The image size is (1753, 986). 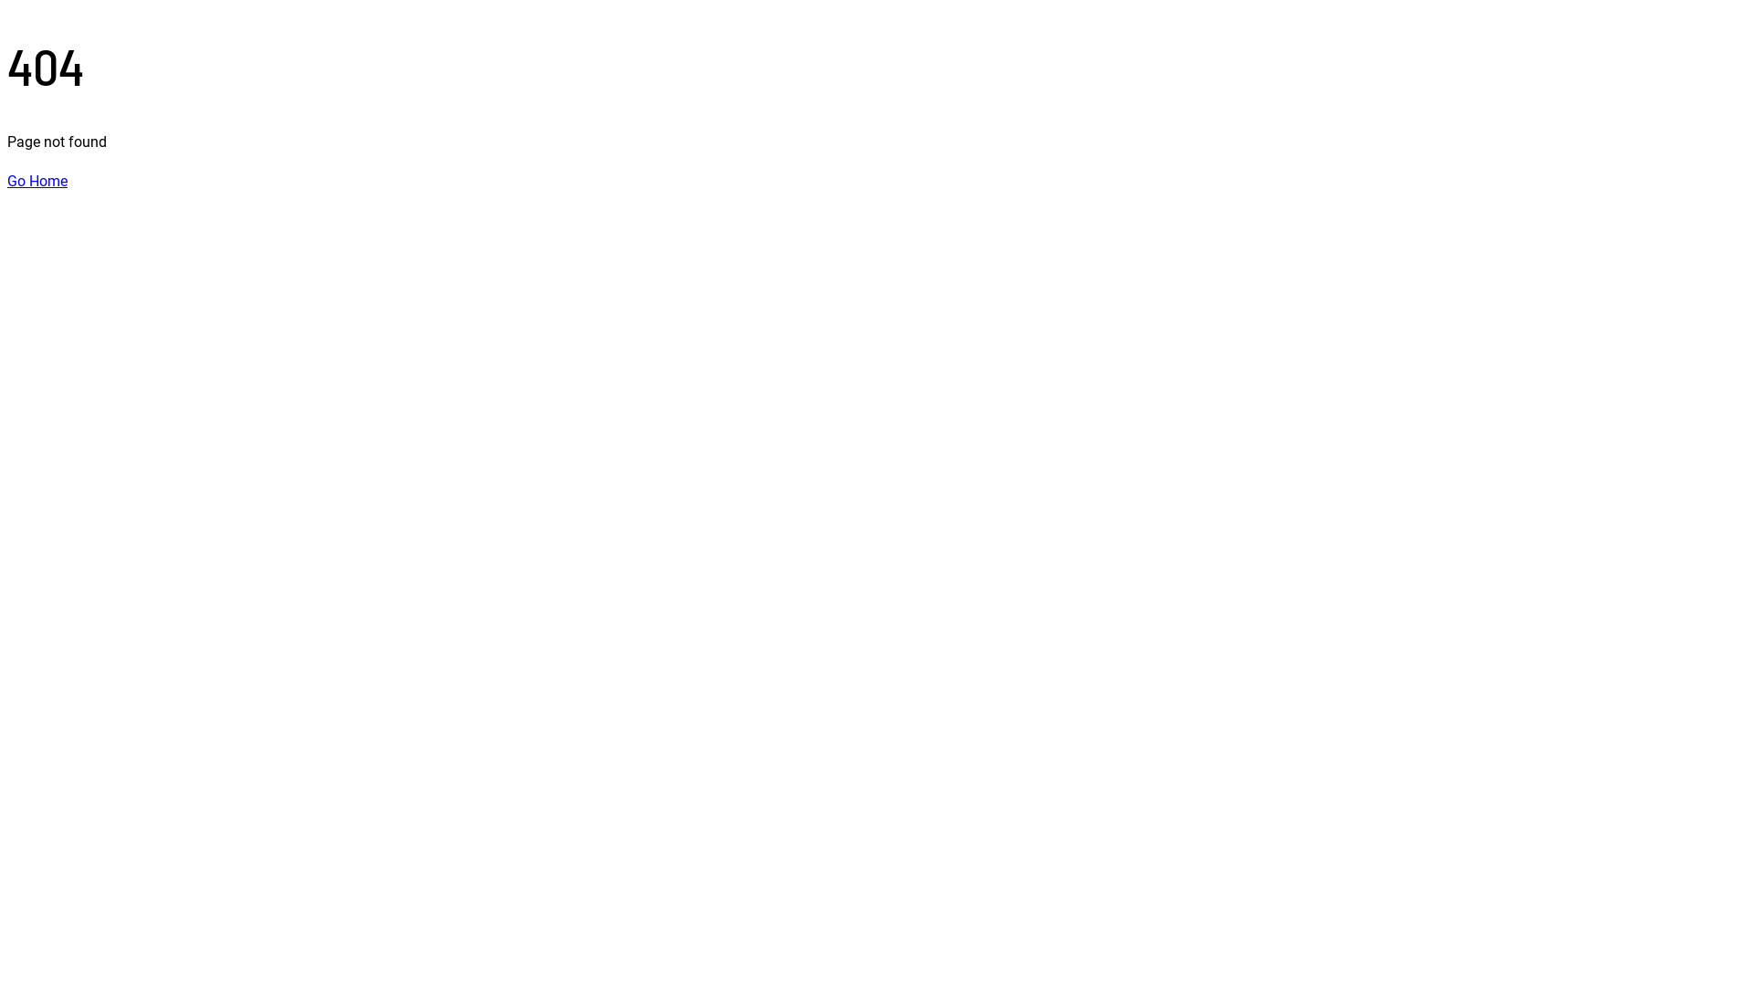 What do you see at coordinates (37, 181) in the screenshot?
I see `'Go Home'` at bounding box center [37, 181].